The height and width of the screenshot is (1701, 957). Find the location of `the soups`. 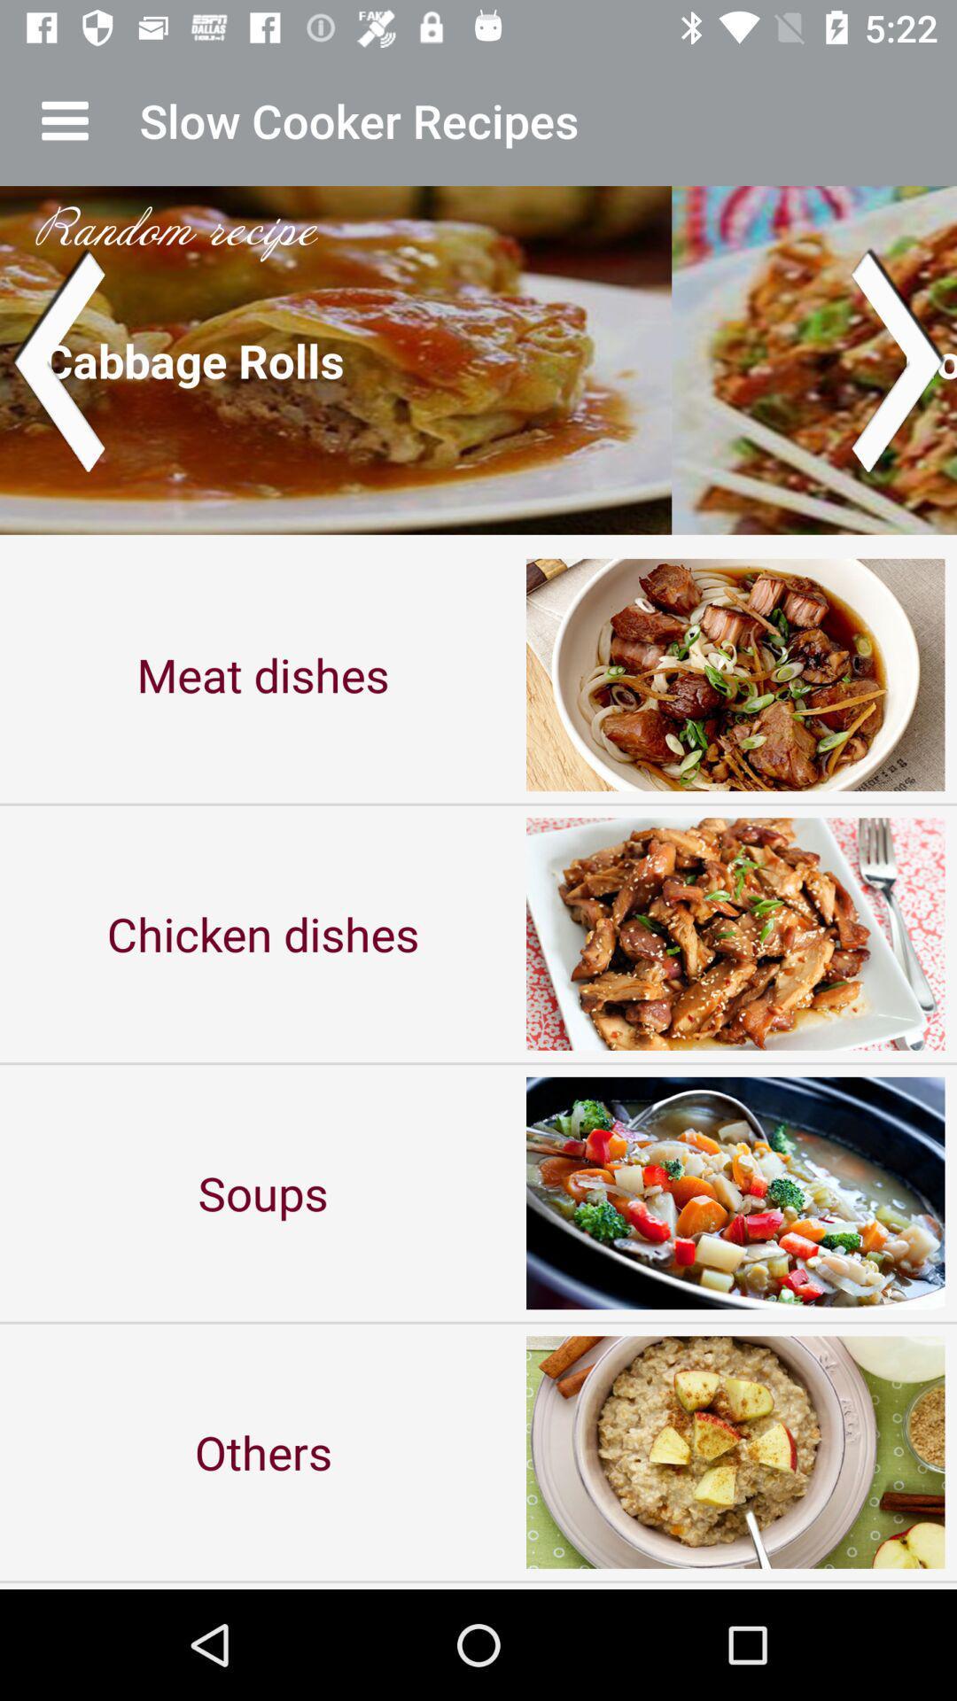

the soups is located at coordinates (263, 1192).